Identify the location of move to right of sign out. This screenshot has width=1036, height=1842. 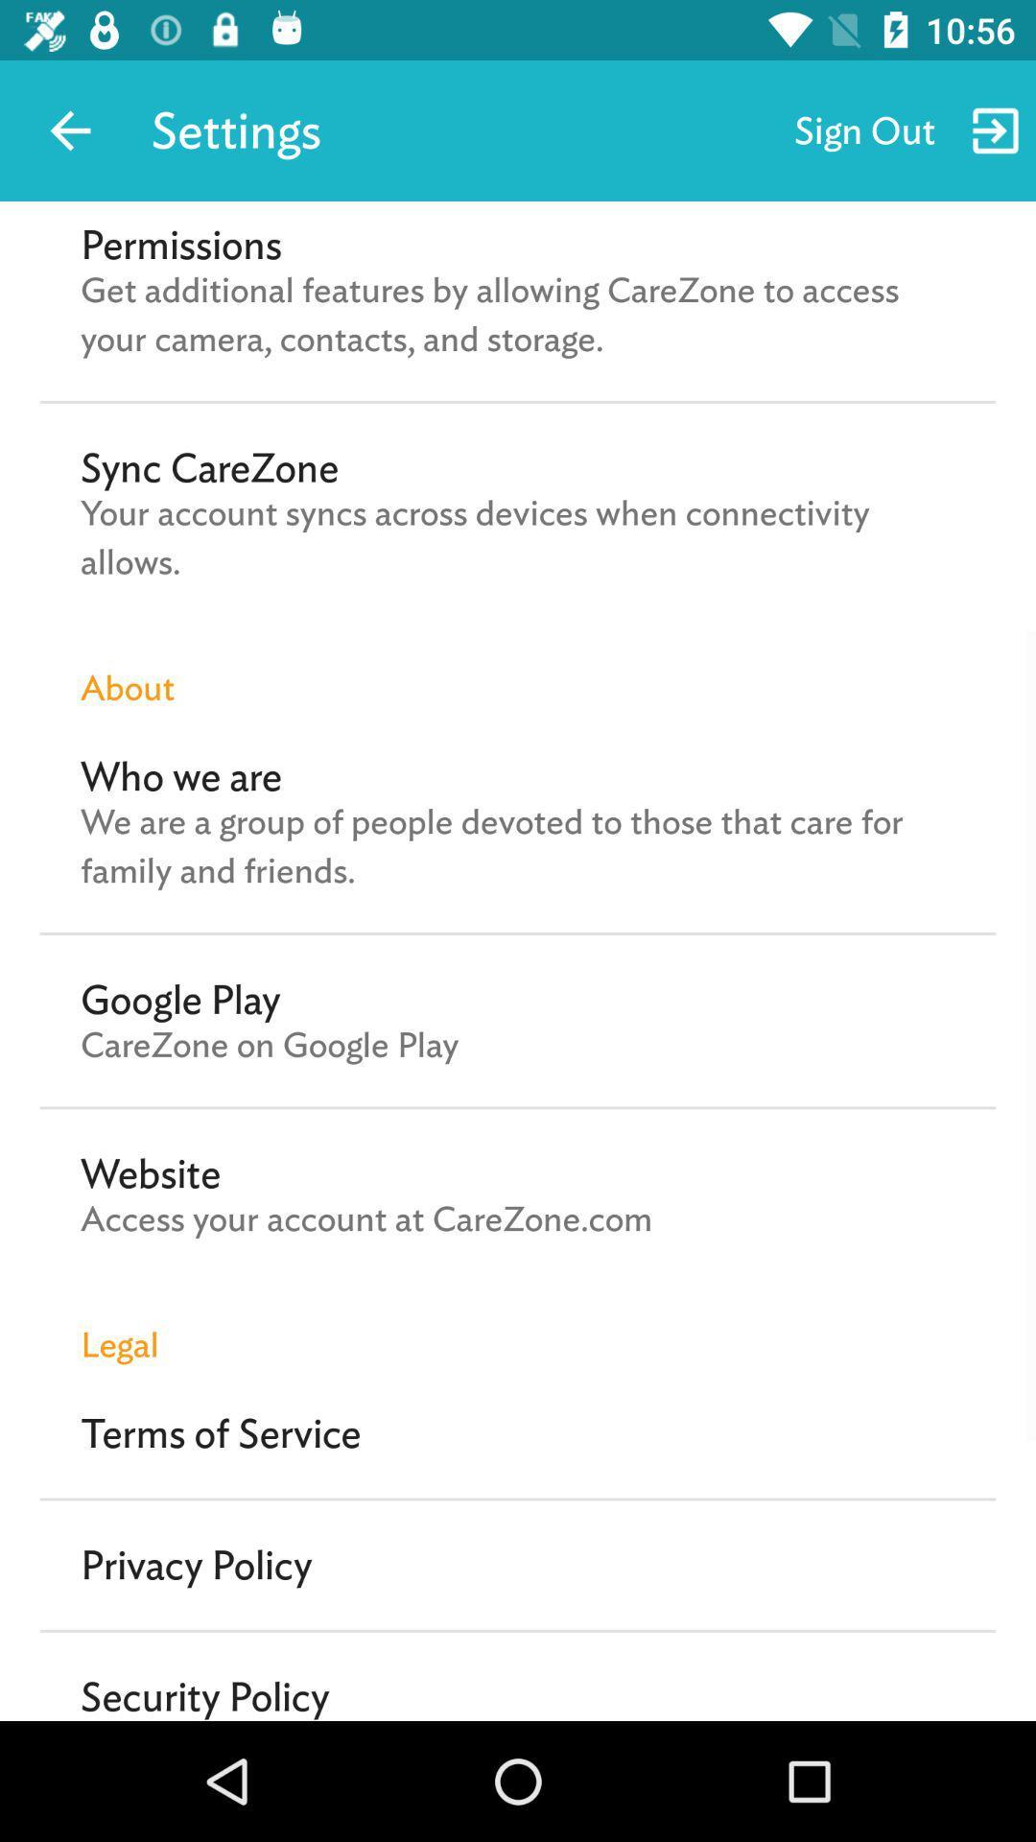
(994, 130).